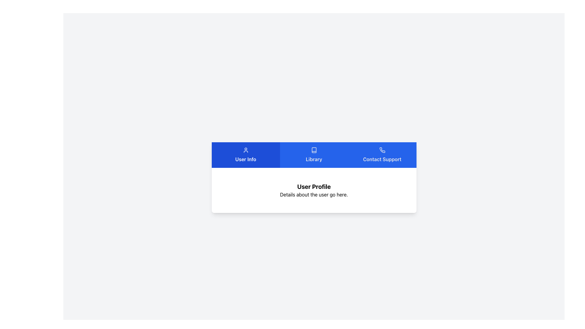 This screenshot has height=329, width=585. I want to click on the 'Library' button in the horizontal navigation bar, which has a blue background and a book icon above the label, so click(314, 155).